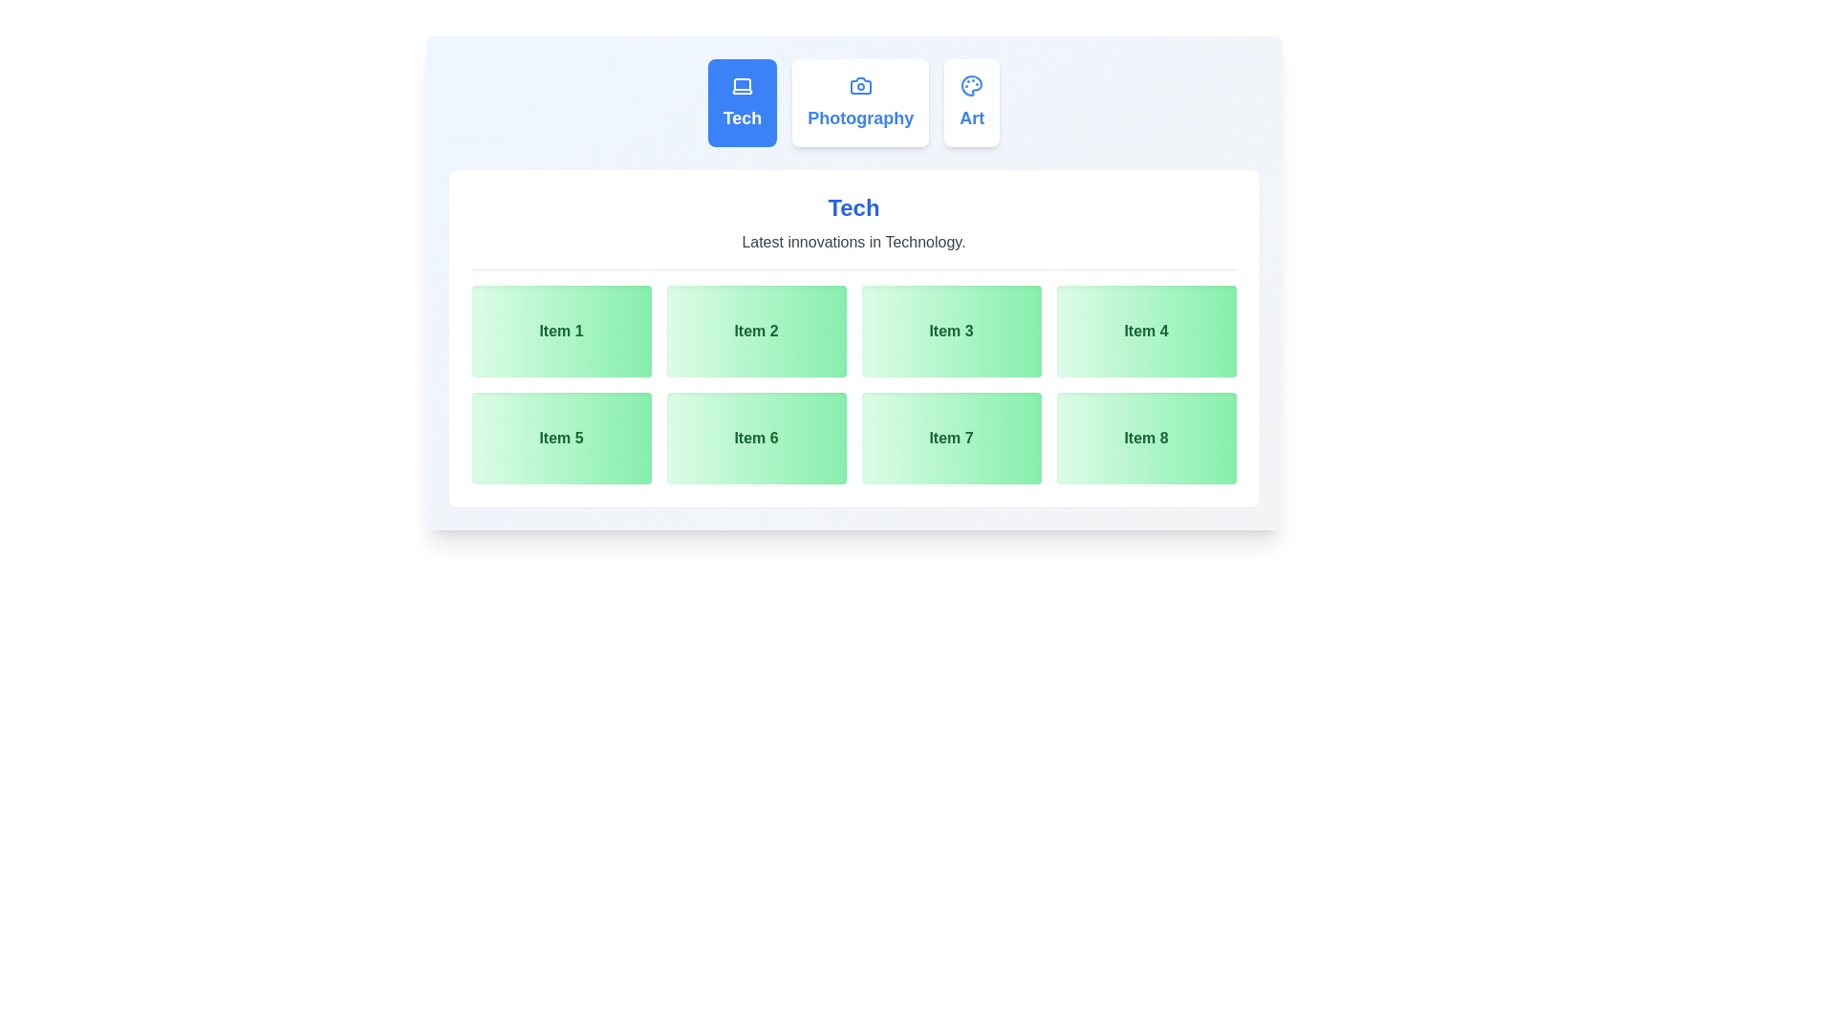 The height and width of the screenshot is (1032, 1835). Describe the element at coordinates (742, 103) in the screenshot. I see `the tab labeled Tech` at that location.